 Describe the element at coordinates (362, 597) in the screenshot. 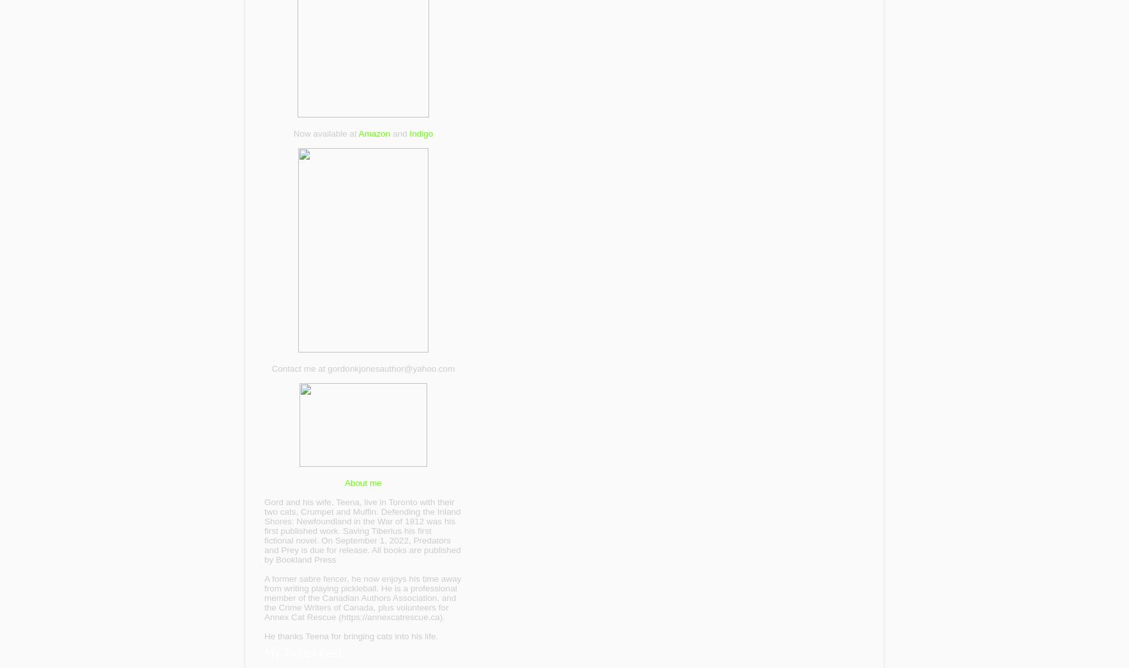

I see `'A former sabre fencer, he now enjoys his time away from writing playing pickleball. He is a professional member of the Canadian Authors Association, and the Crime Writers of Canada, plus volunteers for Annex Cat Rescue (https://annexcatrescue.ca).'` at that location.